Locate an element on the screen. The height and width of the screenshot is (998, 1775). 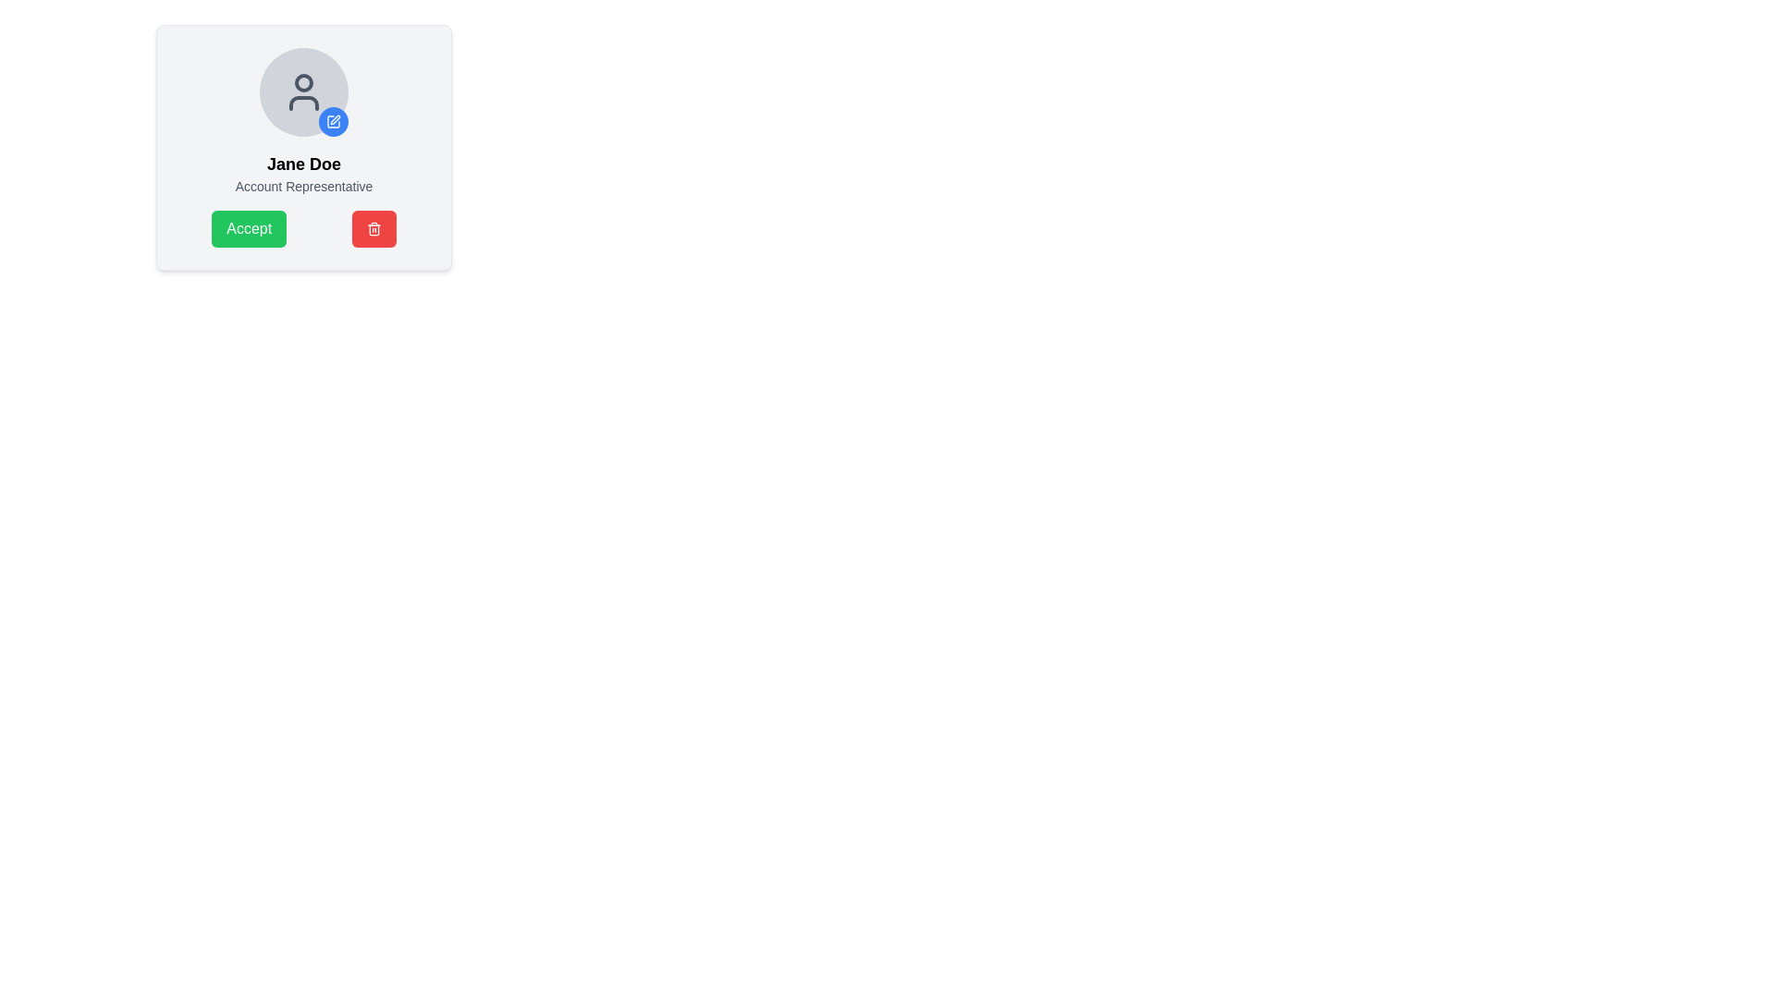
the edit icon located at the upper right of Jane Doe's user card, which serves as a button for modifying profile information is located at coordinates (336, 120).